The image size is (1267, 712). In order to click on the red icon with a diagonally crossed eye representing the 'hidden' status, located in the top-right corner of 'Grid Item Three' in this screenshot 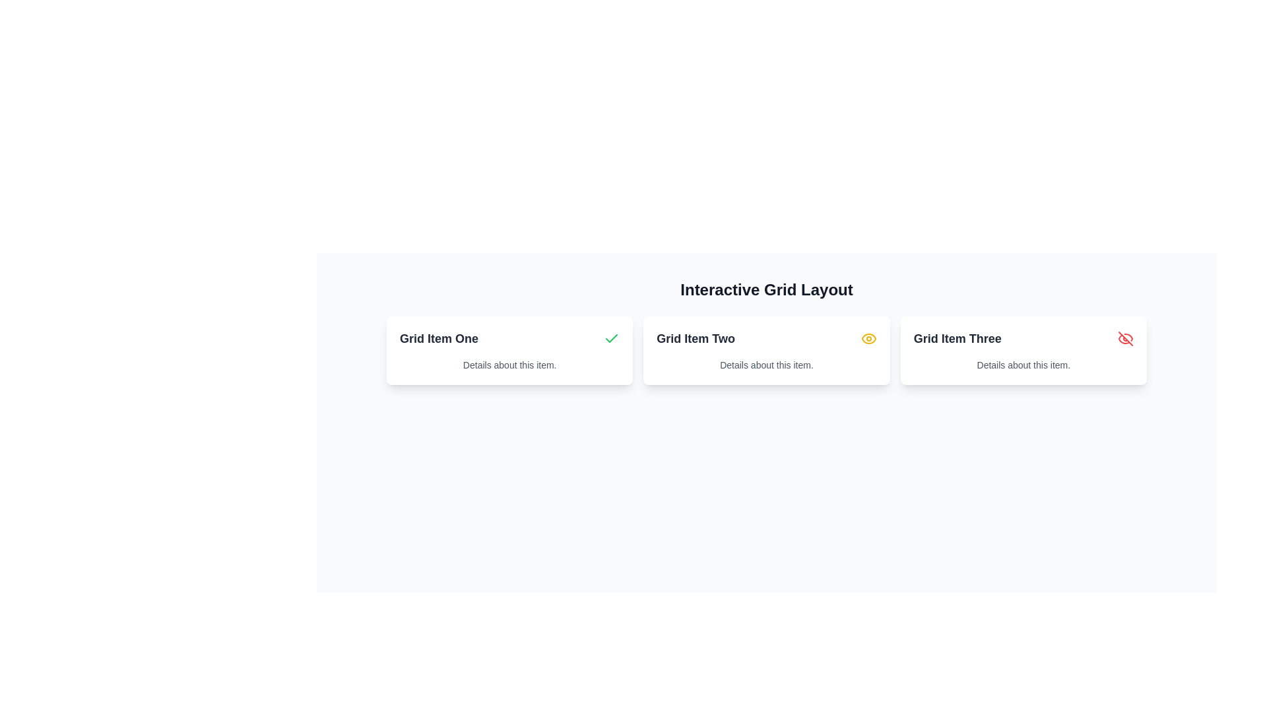, I will do `click(1124, 338)`.